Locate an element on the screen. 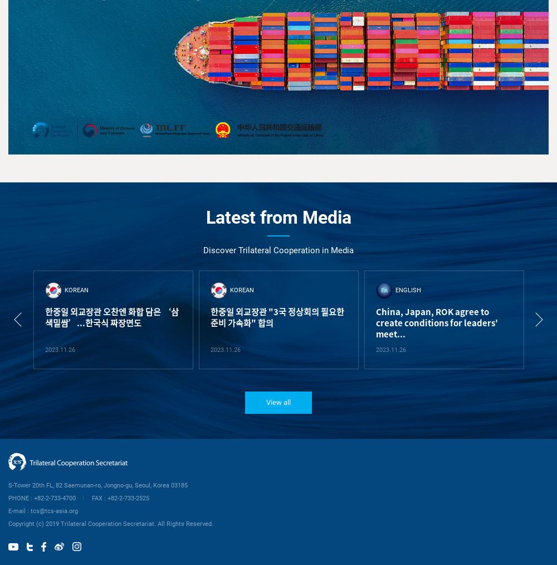 Image resolution: width=557 pixels, height=565 pixels. '한중일 외교장관 "3국 정상회의 필요한 준비 가속화" 합의' is located at coordinates (119, 316).